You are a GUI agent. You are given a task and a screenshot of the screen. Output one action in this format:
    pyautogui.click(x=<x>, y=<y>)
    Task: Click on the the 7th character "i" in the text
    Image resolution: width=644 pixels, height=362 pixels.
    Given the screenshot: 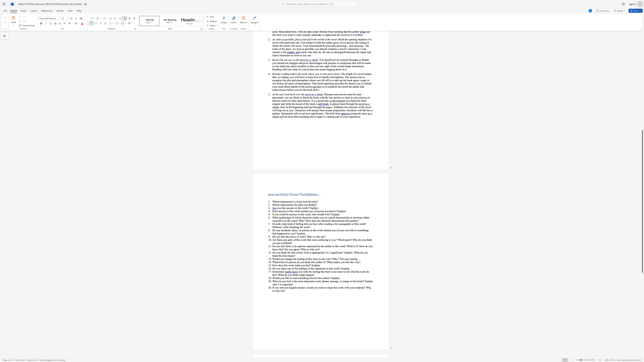 What is the action you would take?
    pyautogui.click(x=278, y=284)
    